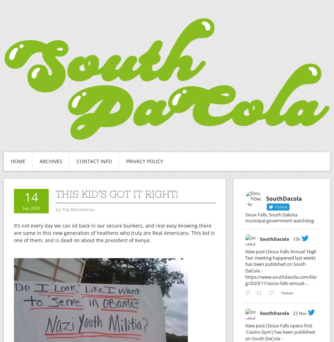  Describe the element at coordinates (296, 239) in the screenshot. I see `'15h'` at that location.